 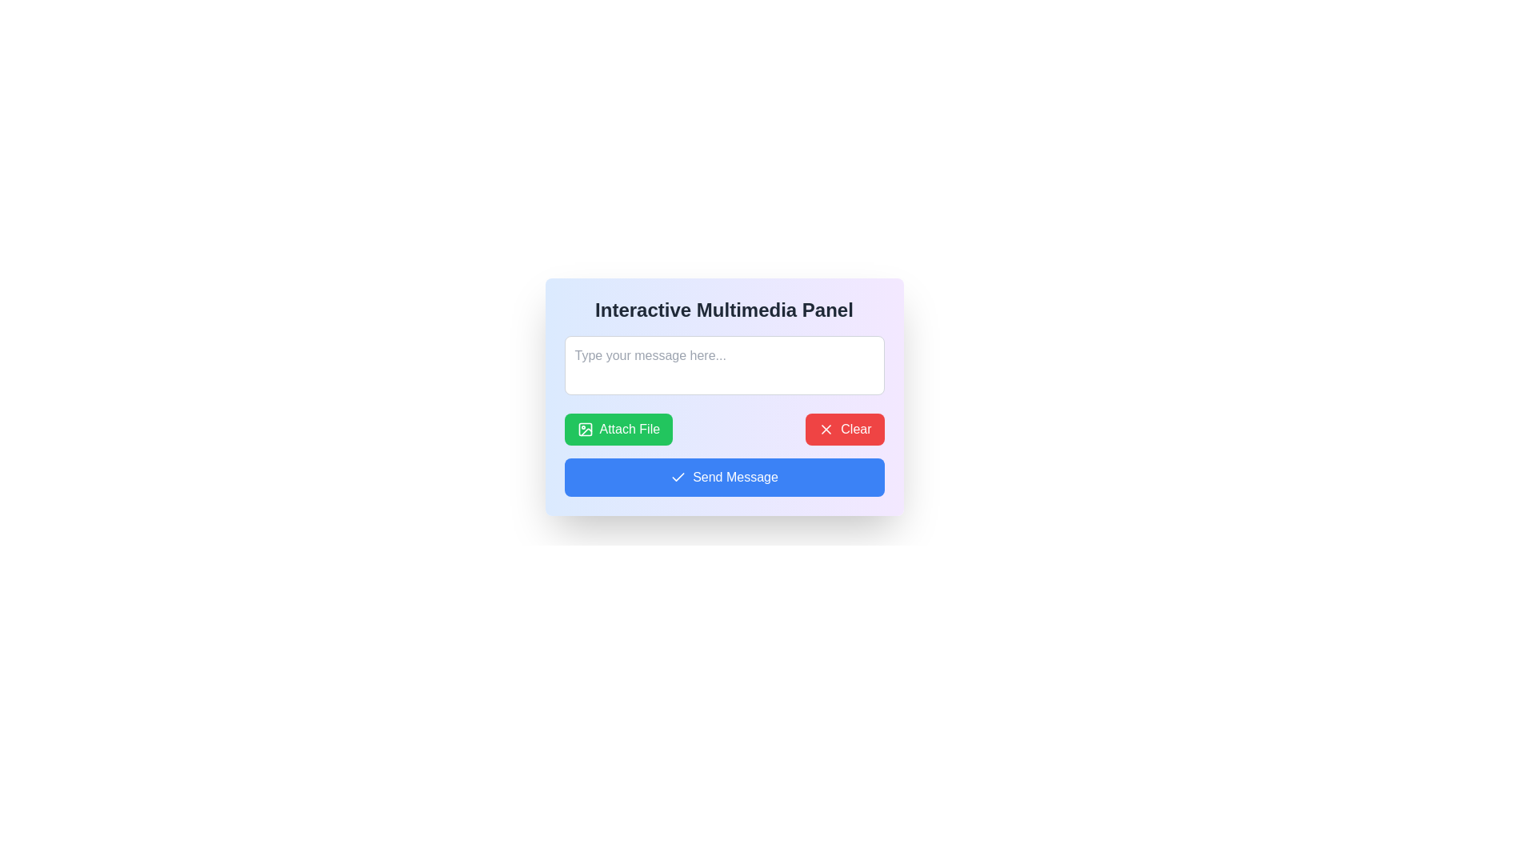 What do you see at coordinates (844, 428) in the screenshot?
I see `the red 'Clear' button with a white cross icon to change its background color` at bounding box center [844, 428].